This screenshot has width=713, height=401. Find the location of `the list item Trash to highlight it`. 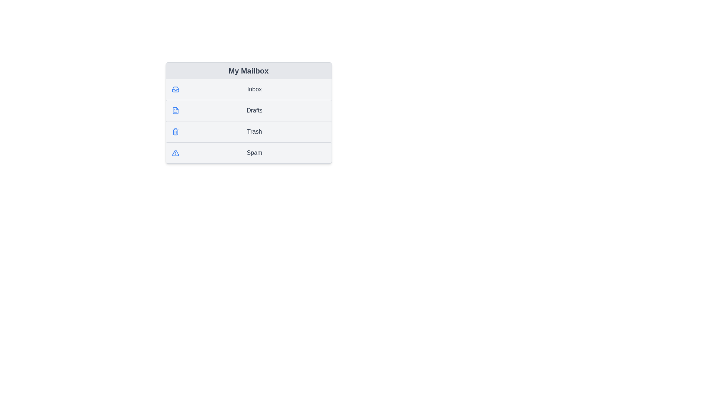

the list item Trash to highlight it is located at coordinates (248, 131).